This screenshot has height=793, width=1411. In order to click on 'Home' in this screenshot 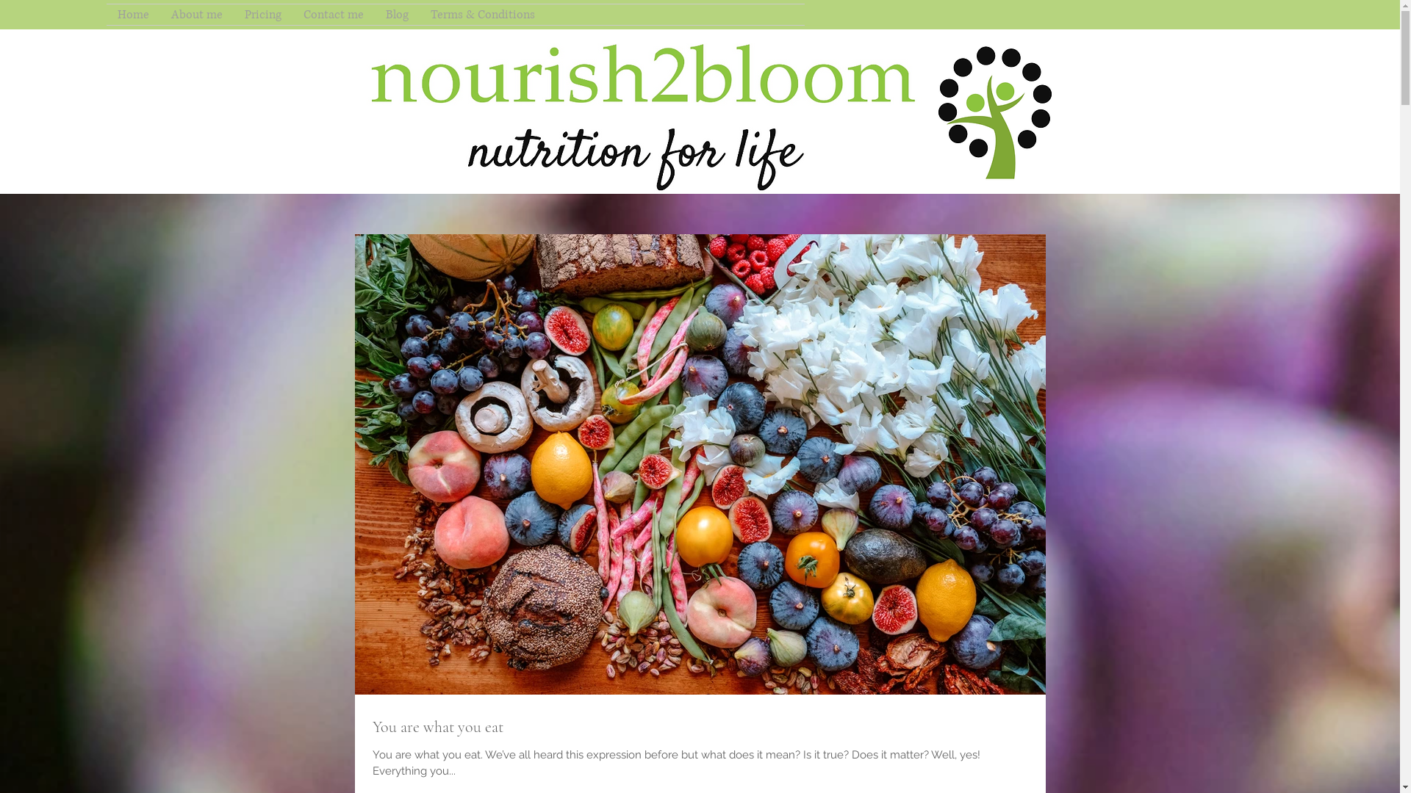, I will do `click(133, 14)`.